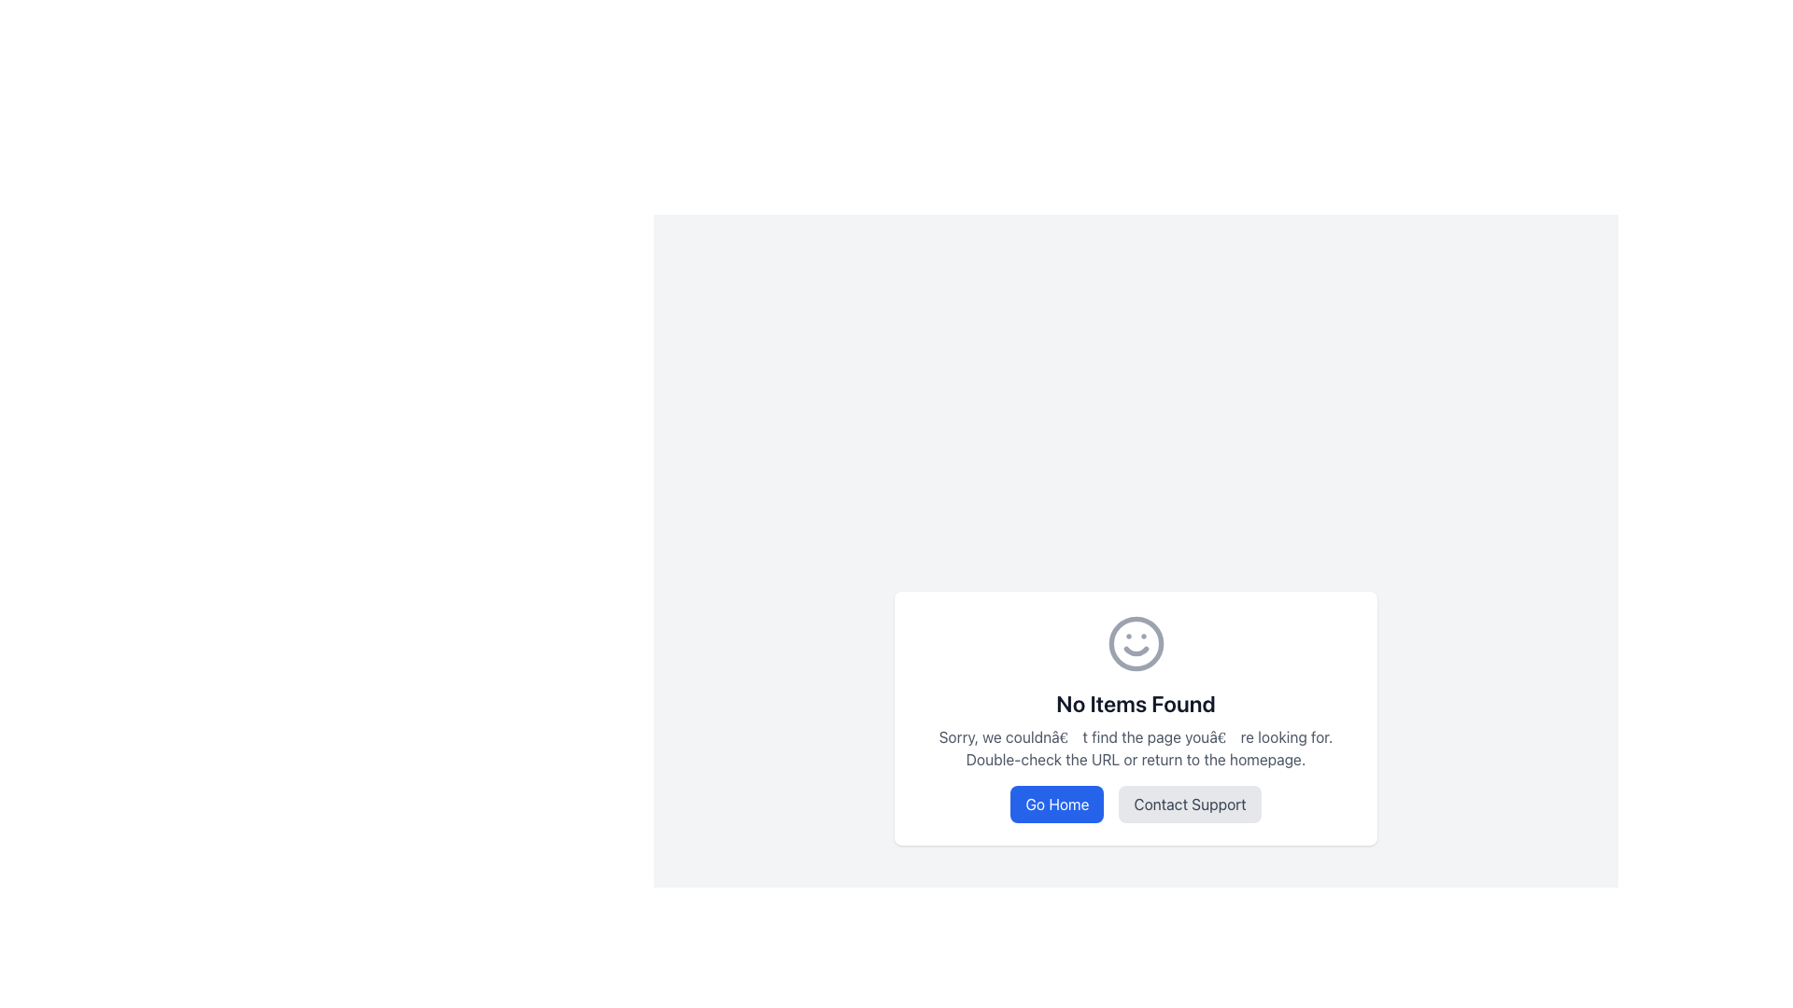  Describe the element at coordinates (1135, 703) in the screenshot. I see `the Text Label that informs users that no items were found, positioned beneath a smiley face icon and above the descriptive message and buttons` at that location.